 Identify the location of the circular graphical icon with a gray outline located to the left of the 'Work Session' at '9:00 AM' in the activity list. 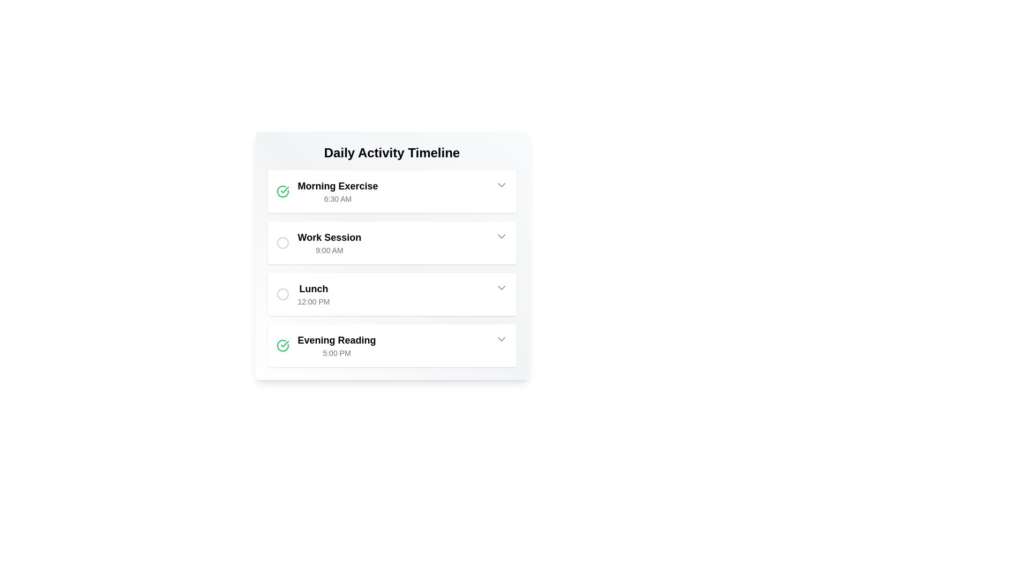
(282, 243).